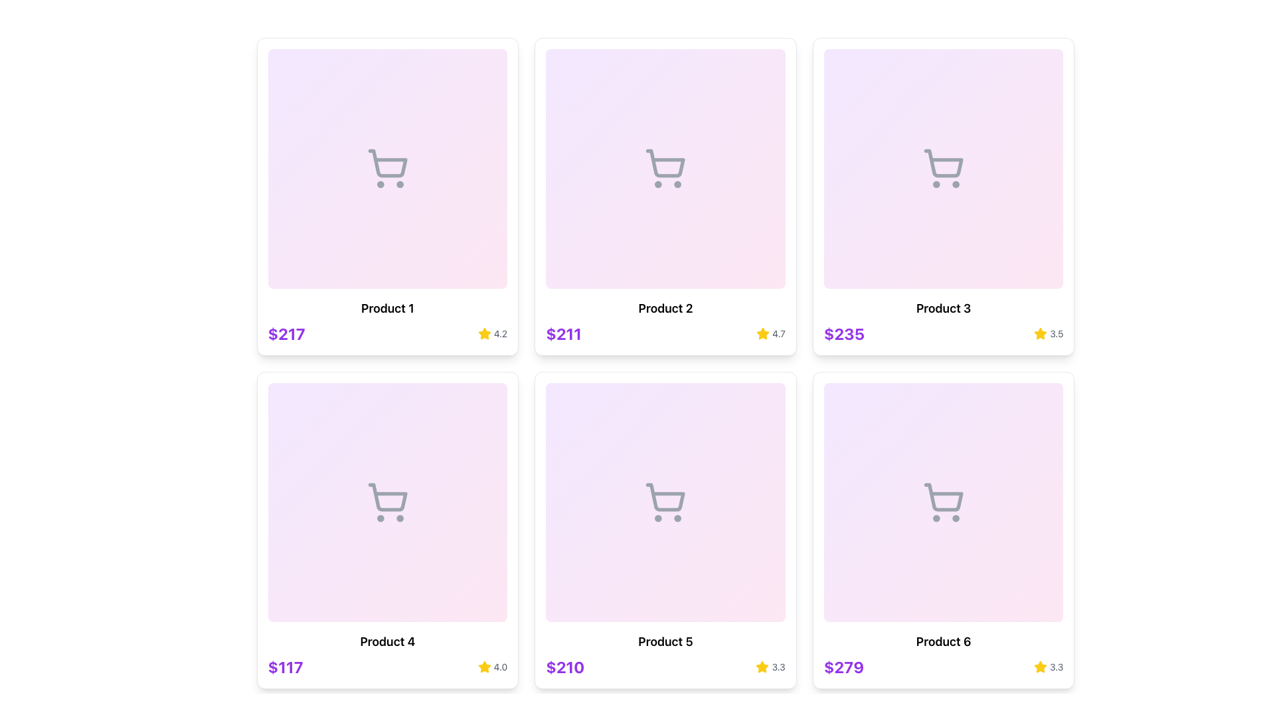 The image size is (1275, 717). What do you see at coordinates (843, 667) in the screenshot?
I see `the price label displaying 'Product 6', located at the bottom right of the product grid` at bounding box center [843, 667].